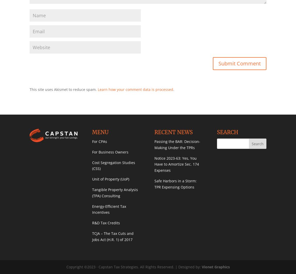 The height and width of the screenshot is (274, 296). What do you see at coordinates (115, 192) in the screenshot?
I see `'Tangible Property Analysis (TPA) Consulting'` at bounding box center [115, 192].